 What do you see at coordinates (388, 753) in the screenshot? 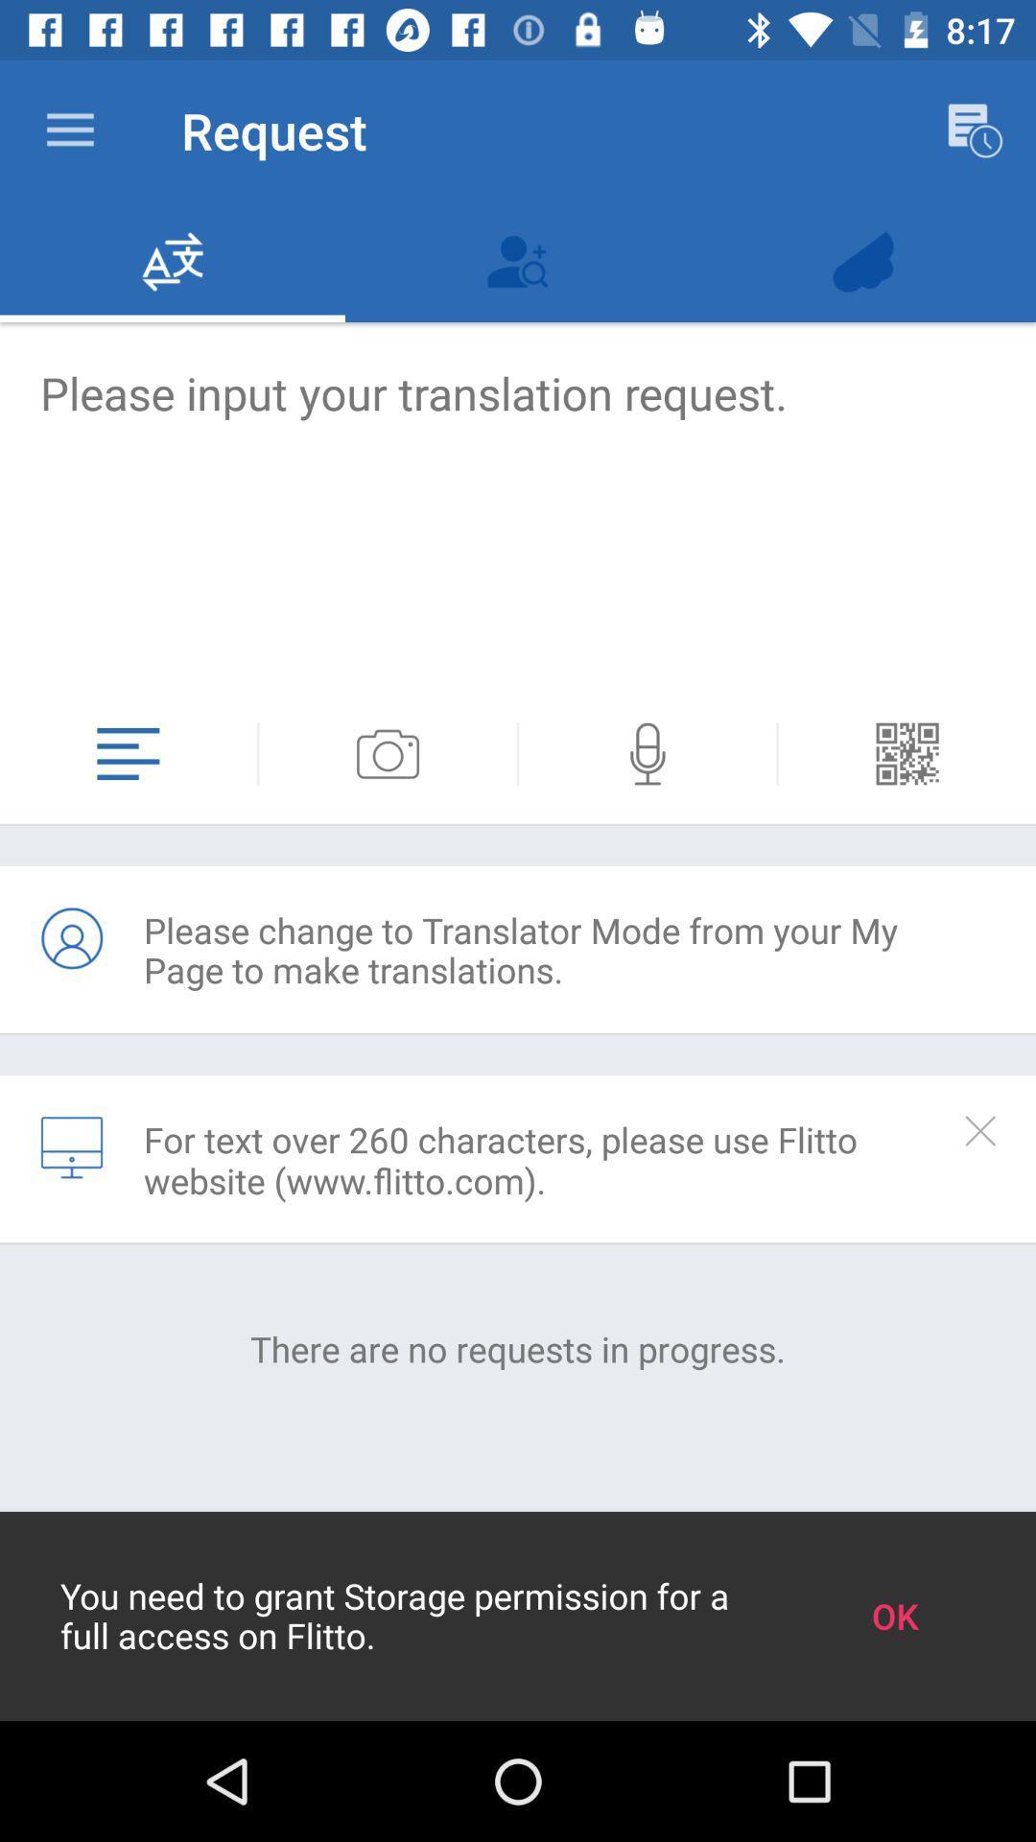
I see `open camera` at bounding box center [388, 753].